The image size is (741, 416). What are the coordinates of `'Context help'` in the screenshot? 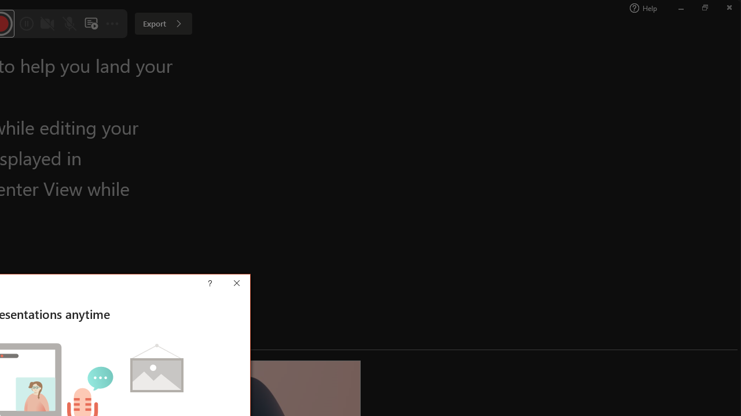 It's located at (227, 284).